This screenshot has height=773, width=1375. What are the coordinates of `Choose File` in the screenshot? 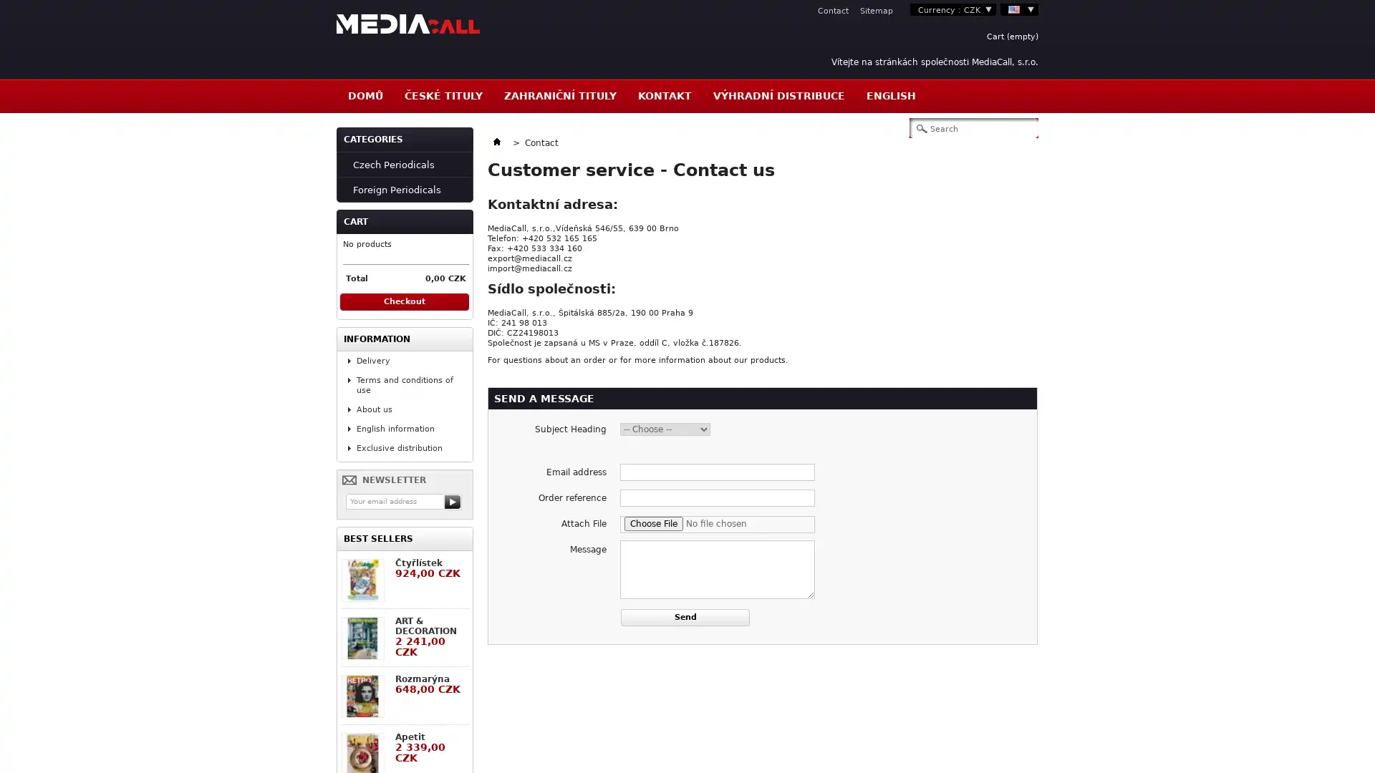 It's located at (652, 524).